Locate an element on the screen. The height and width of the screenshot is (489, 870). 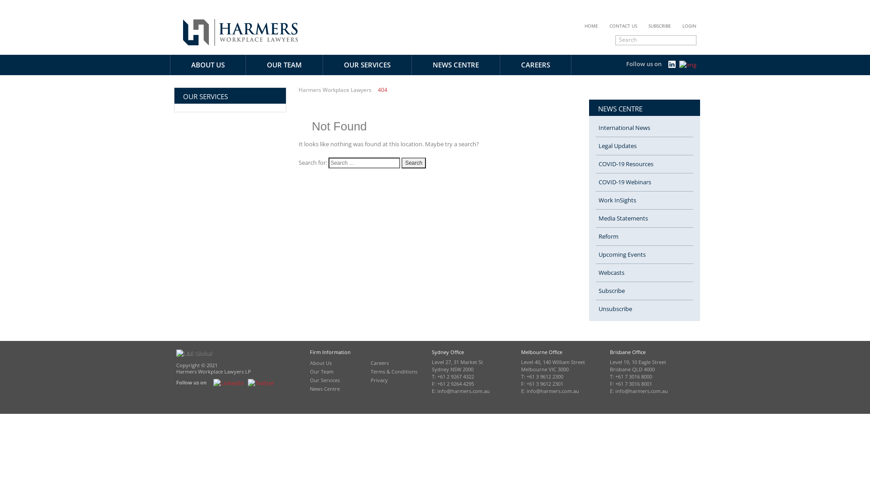
'Privacy' is located at coordinates (370, 380).